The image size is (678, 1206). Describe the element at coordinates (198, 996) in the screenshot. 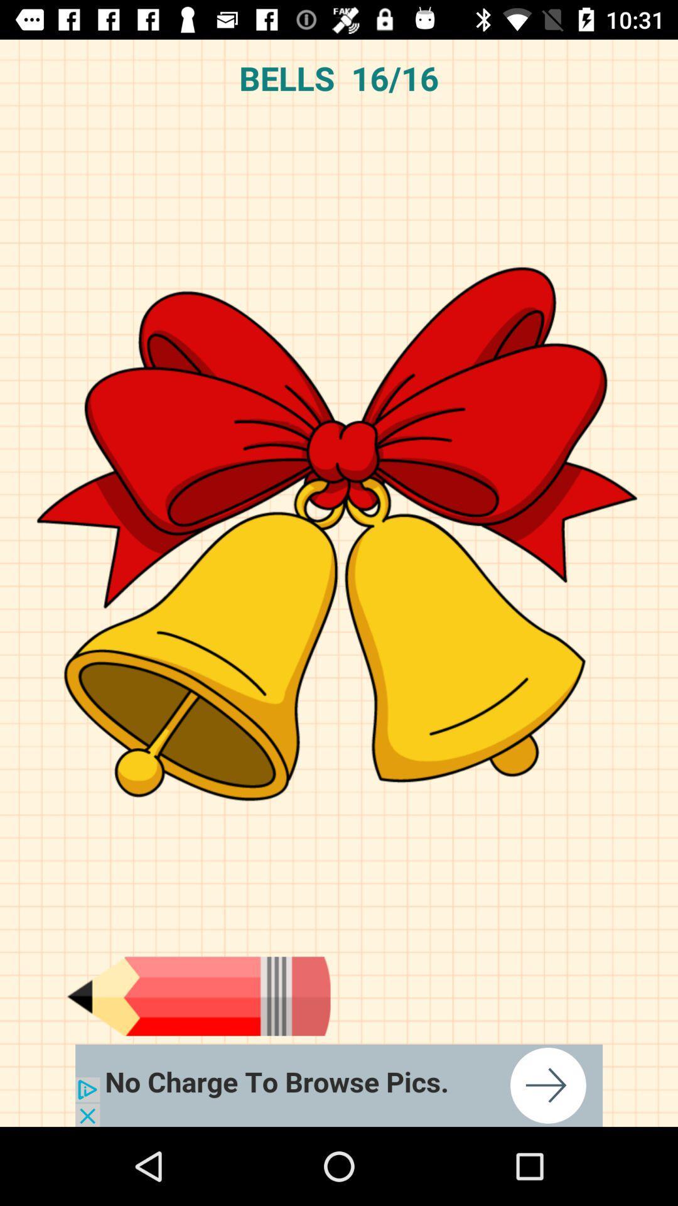

I see `go back` at that location.